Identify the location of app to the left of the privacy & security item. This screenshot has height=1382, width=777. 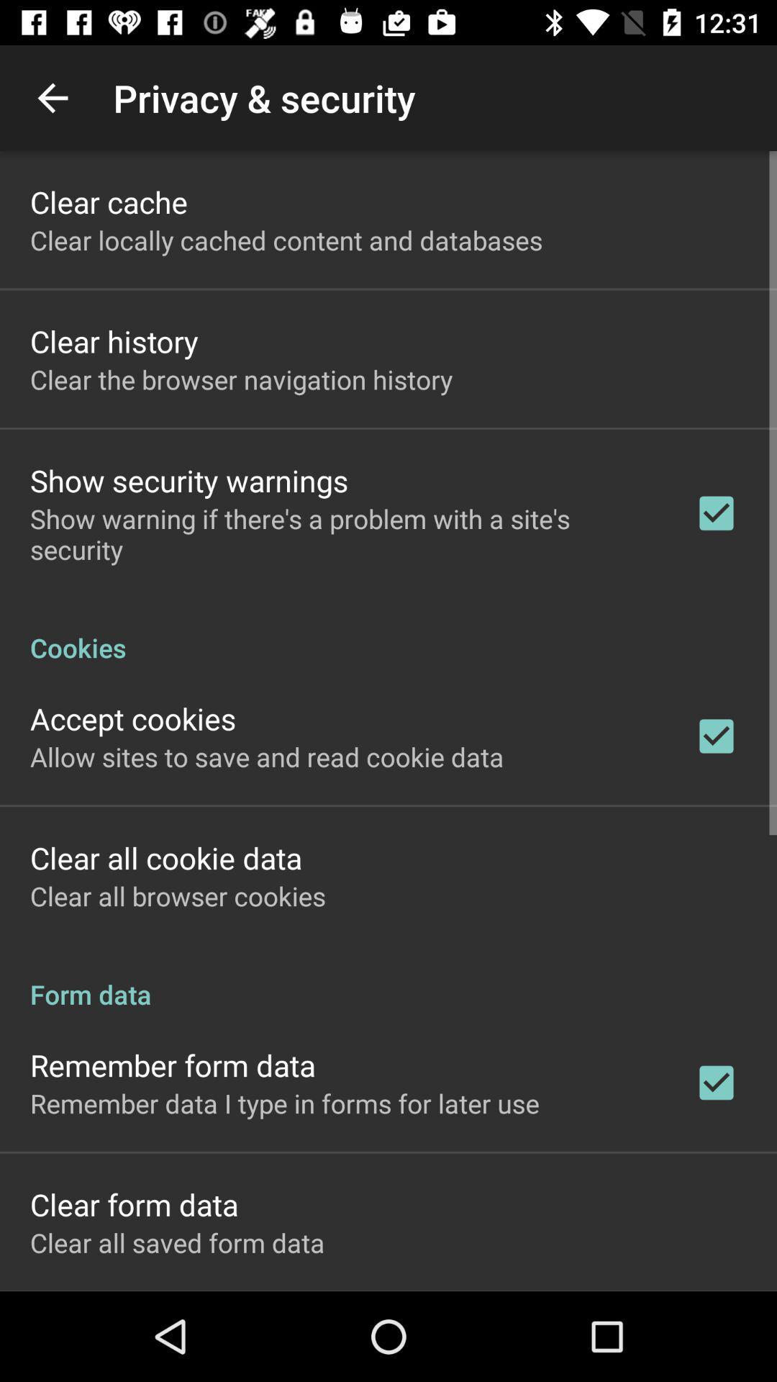
(52, 97).